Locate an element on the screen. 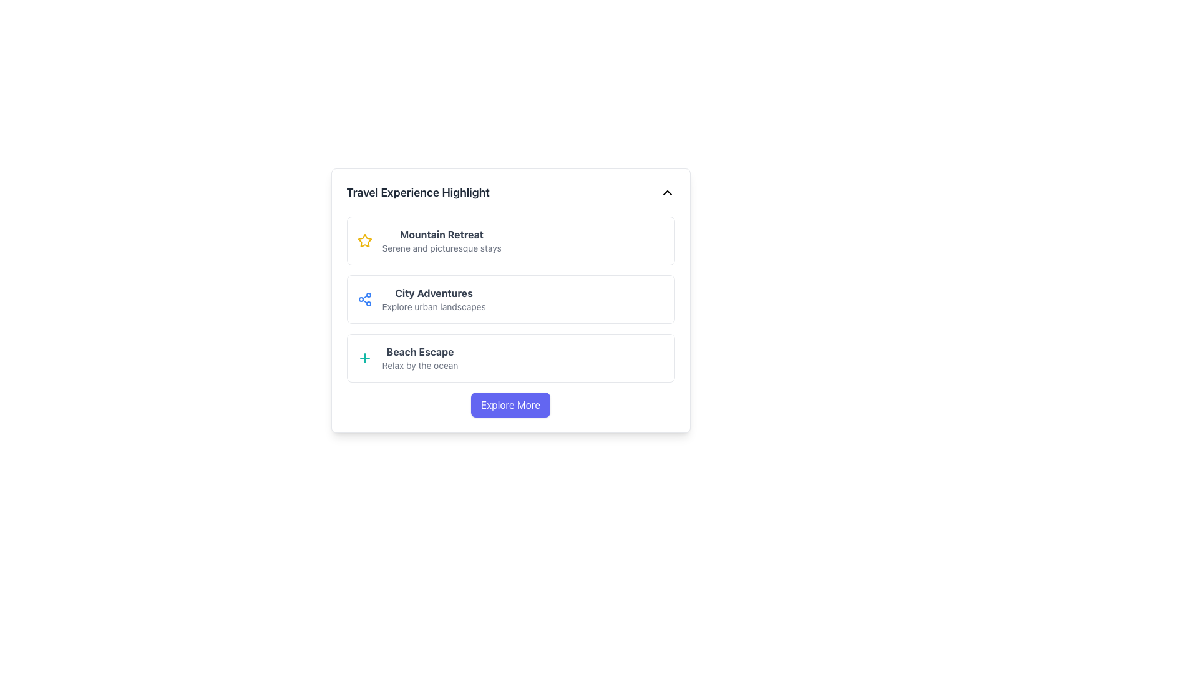 The width and height of the screenshot is (1198, 674). the action trigger icon located at the leftmost side of the 'Beach Escape' travel experience entry is located at coordinates (364, 358).